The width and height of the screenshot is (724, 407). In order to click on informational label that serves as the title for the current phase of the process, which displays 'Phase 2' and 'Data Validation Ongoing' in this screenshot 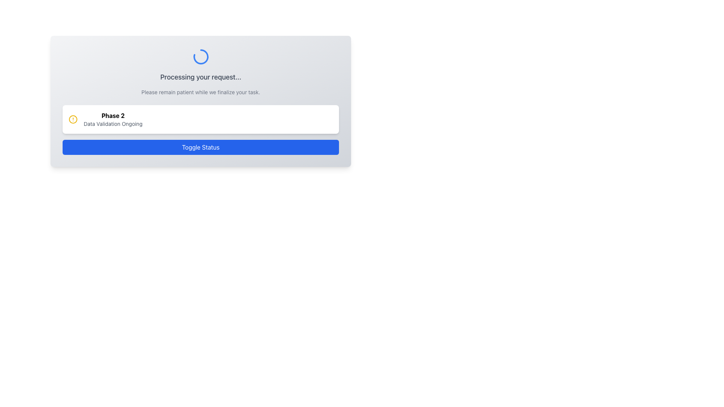, I will do `click(112, 116)`.